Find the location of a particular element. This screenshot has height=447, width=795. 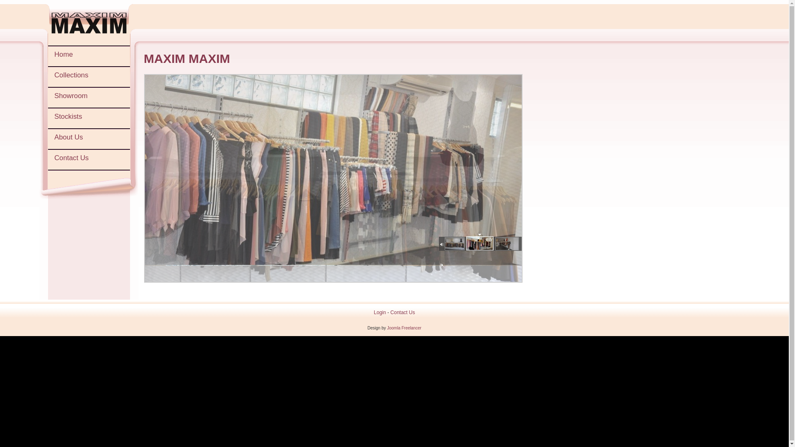

'MAXIM MAXIM' is located at coordinates (186, 58).